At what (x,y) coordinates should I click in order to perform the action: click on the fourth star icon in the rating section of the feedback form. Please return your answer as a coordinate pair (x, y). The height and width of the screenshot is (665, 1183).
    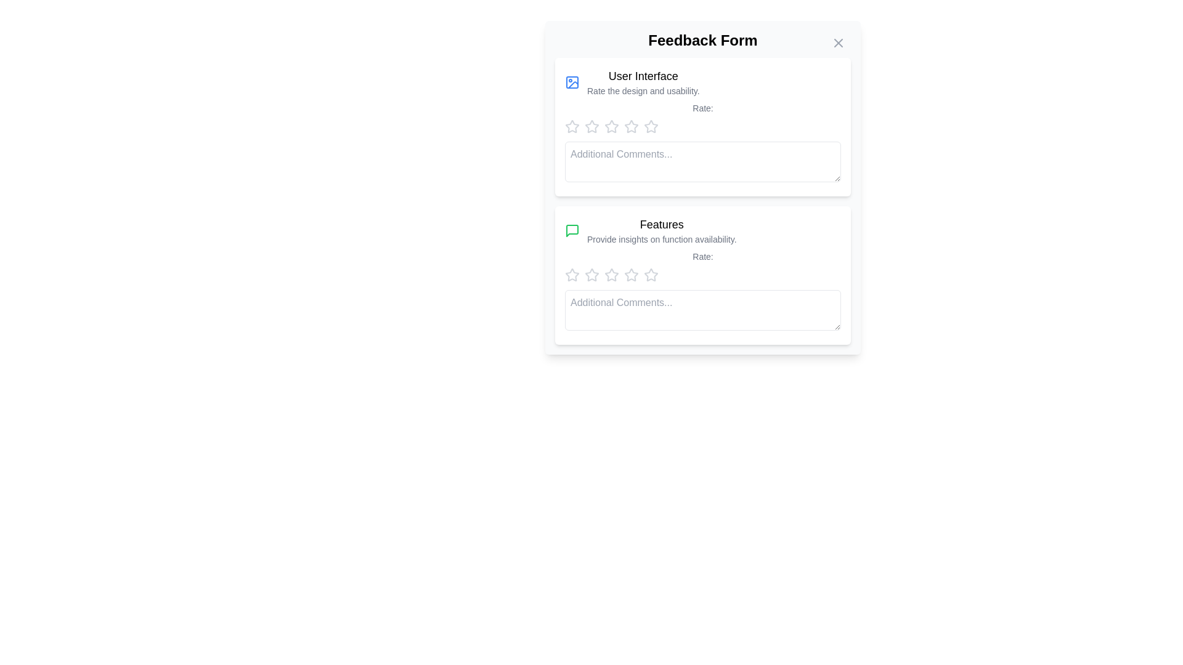
    Looking at the image, I should click on (650, 126).